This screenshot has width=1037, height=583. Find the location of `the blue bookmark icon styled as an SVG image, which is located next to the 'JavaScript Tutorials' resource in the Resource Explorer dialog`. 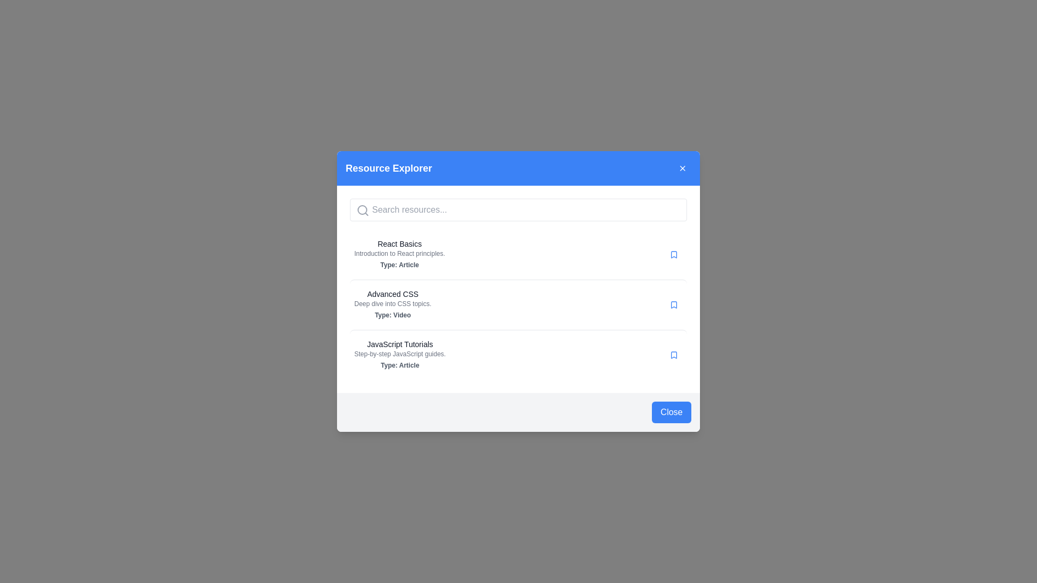

the blue bookmark icon styled as an SVG image, which is located next to the 'JavaScript Tutorials' resource in the Resource Explorer dialog is located at coordinates (674, 355).